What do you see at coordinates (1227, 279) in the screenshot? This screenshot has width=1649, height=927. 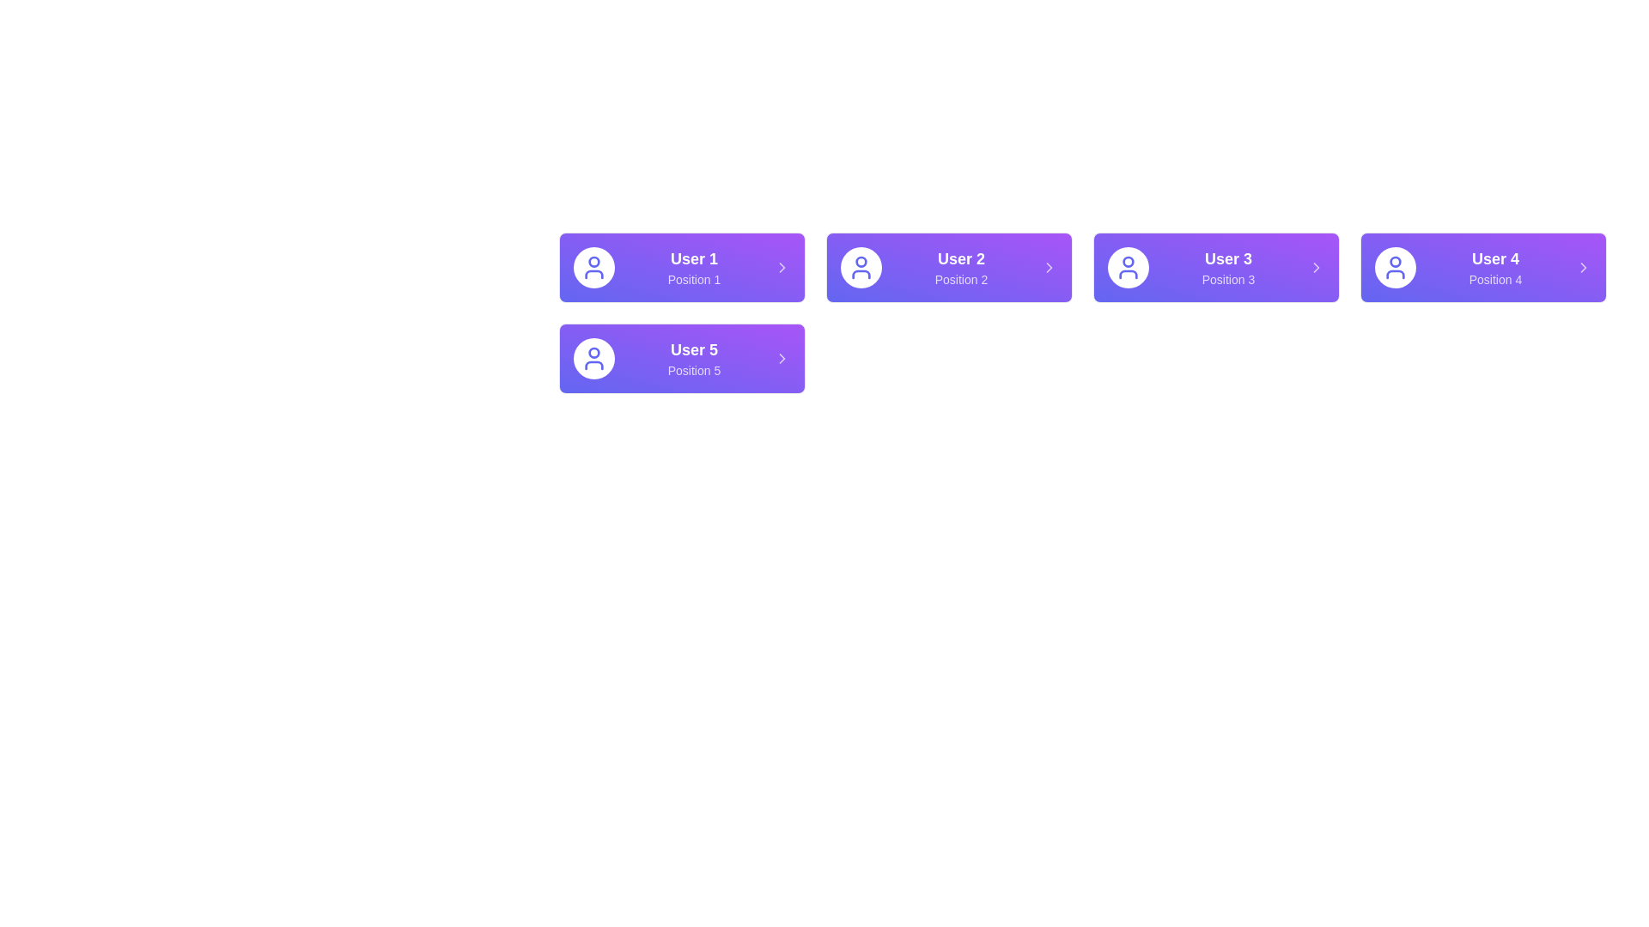 I see `the text label indicating the position or status associated with 'User 3', which is located below the 'User 3' text and above the right arrow icon` at bounding box center [1227, 279].